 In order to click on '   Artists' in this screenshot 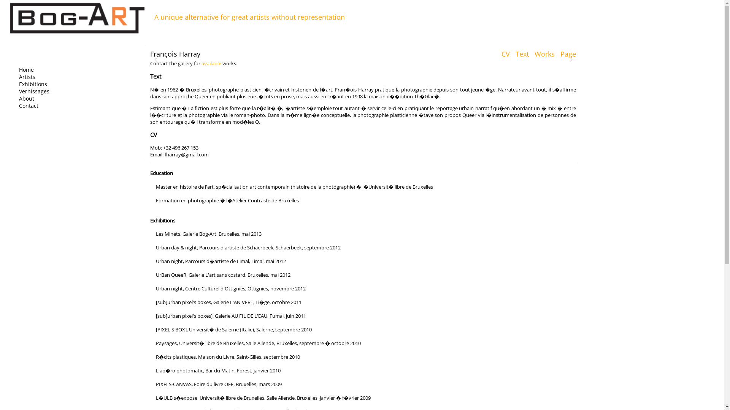, I will do `click(14, 77)`.